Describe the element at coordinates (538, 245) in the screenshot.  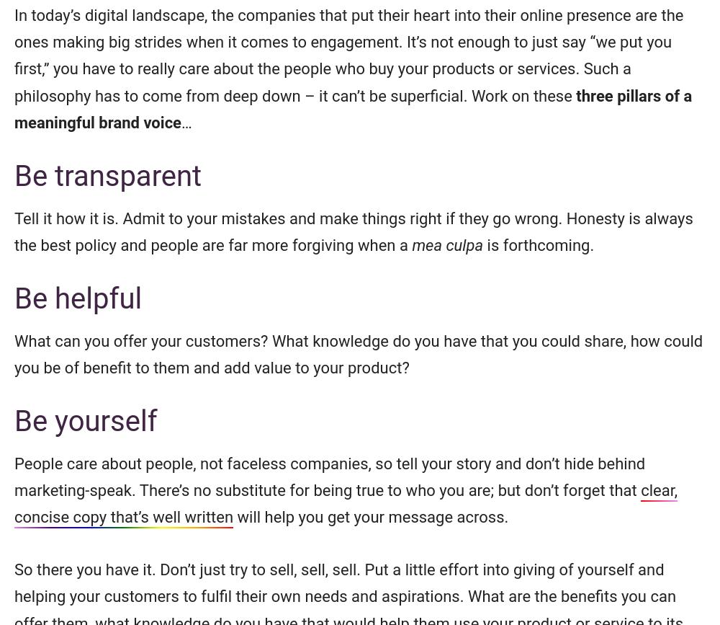
I see `'is forthcoming.'` at that location.